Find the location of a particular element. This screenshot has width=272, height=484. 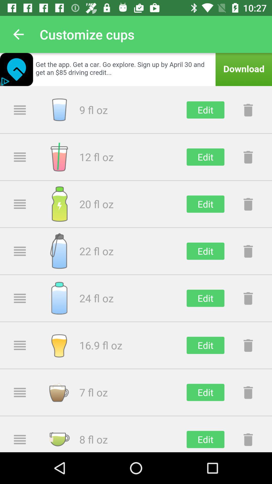

delete is located at coordinates (248, 392).